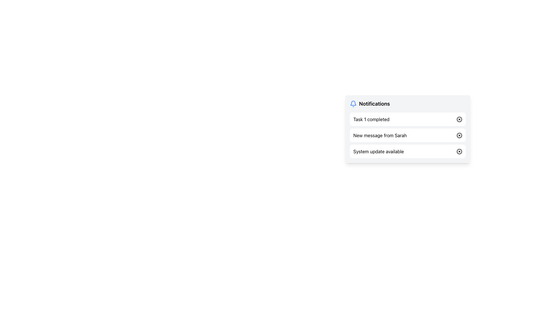  Describe the element at coordinates (459, 151) in the screenshot. I see `the dismiss icon button on the far right side of the 'System update available' notification row` at that location.